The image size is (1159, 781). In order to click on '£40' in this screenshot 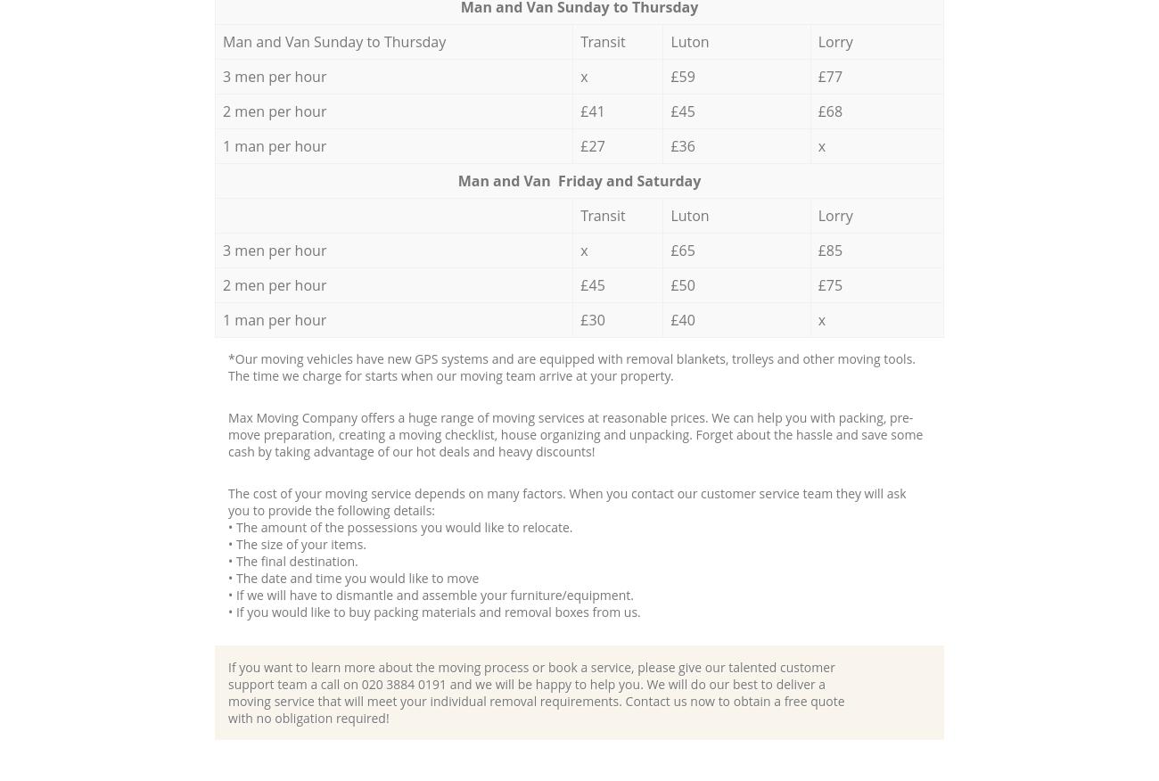, I will do `click(681, 318)`.